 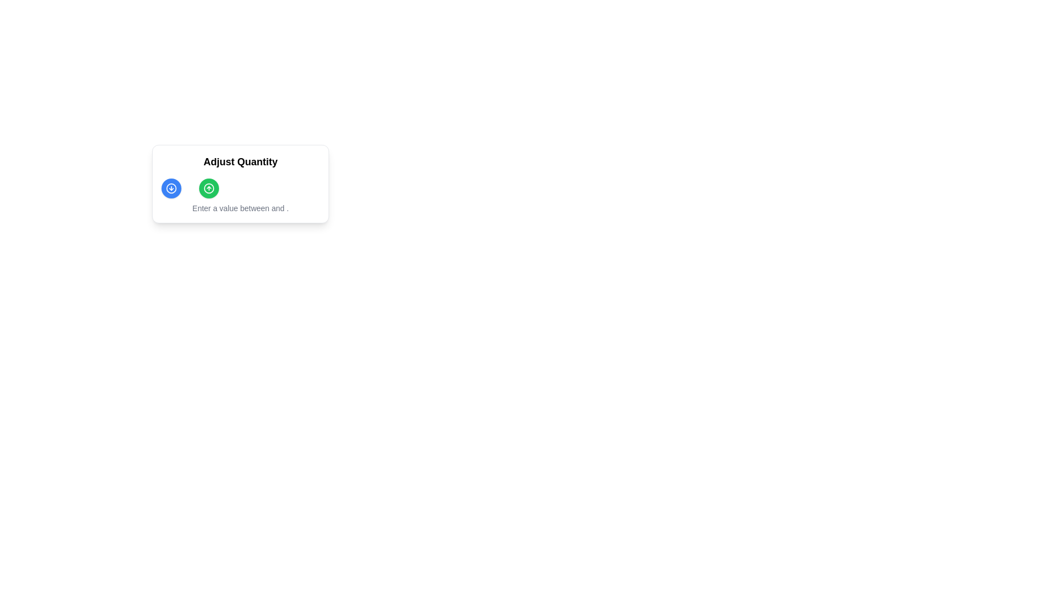 I want to click on the leftmost circular button that decreases a value or quantity, located slightly to the left of a similar green button, so click(x=171, y=187).